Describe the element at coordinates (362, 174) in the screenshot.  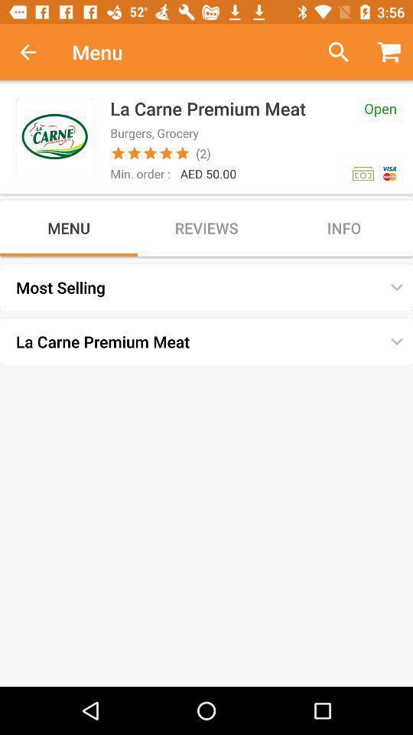
I see `icon left to visa icon on right side` at that location.